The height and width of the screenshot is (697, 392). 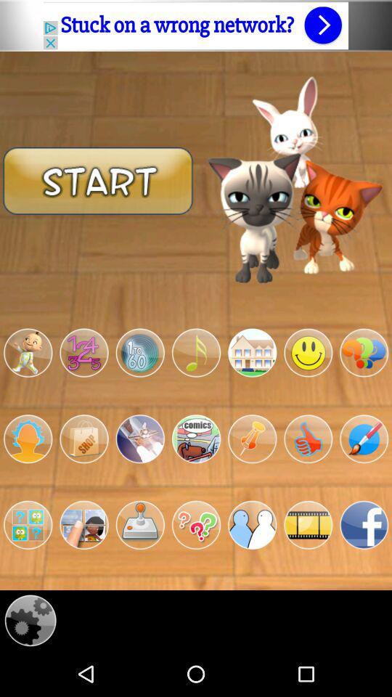 I want to click on pin something, so click(x=251, y=438).